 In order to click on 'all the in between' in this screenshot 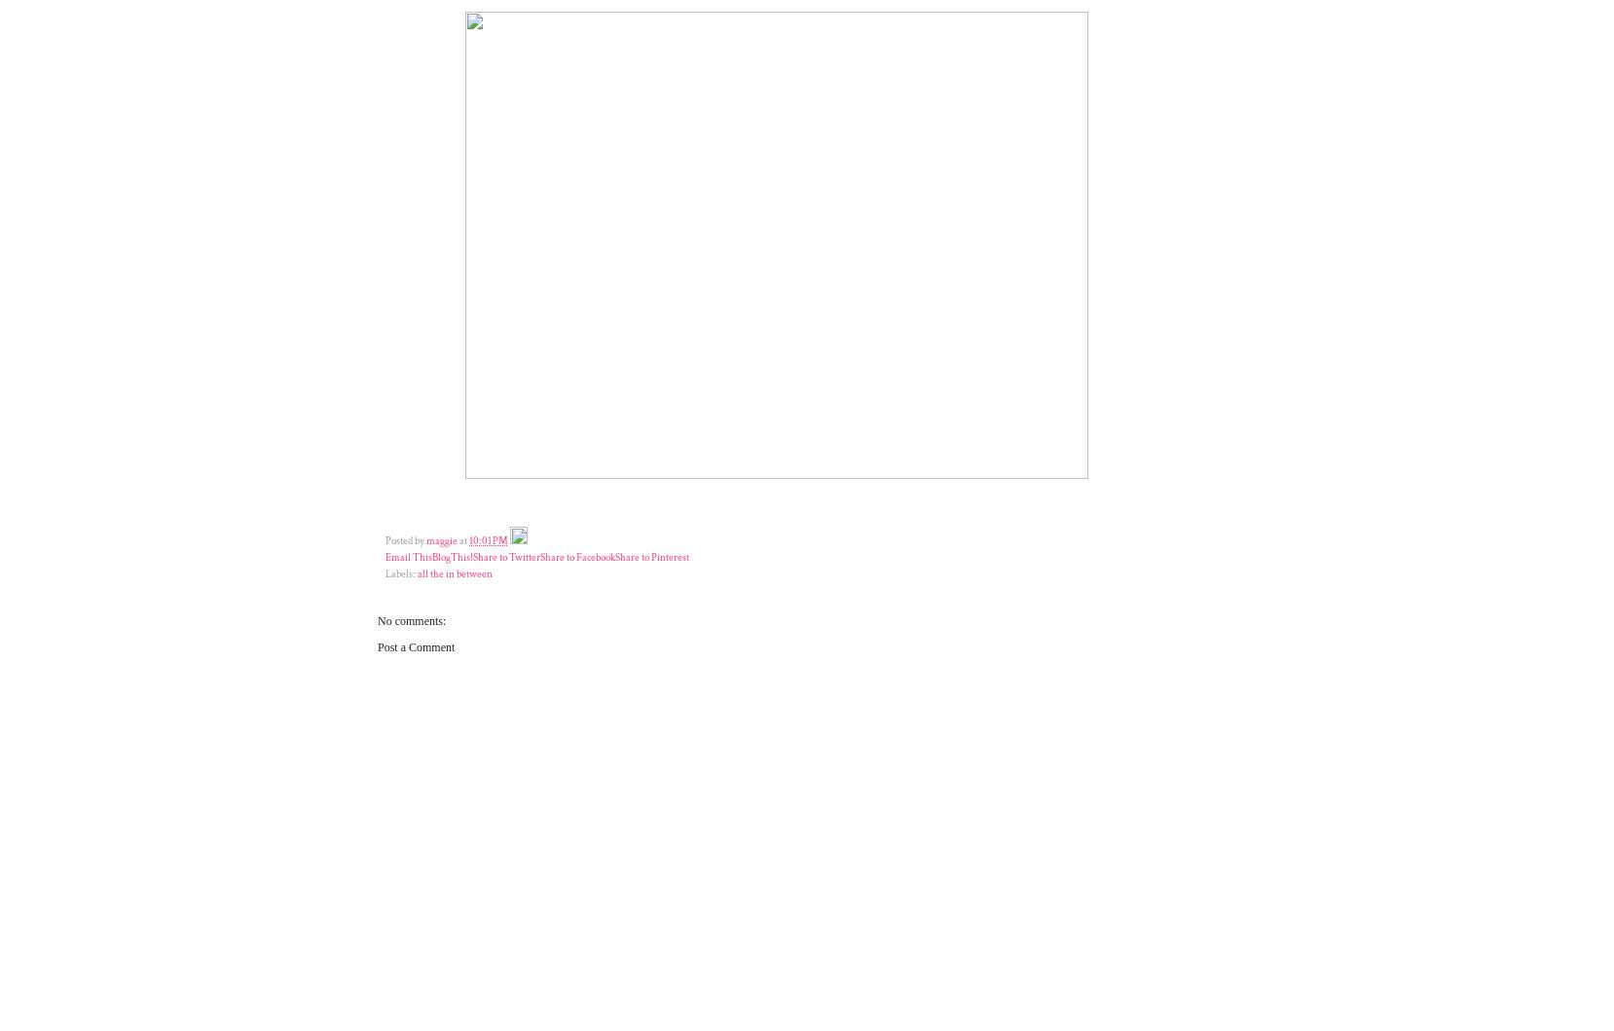, I will do `click(455, 572)`.